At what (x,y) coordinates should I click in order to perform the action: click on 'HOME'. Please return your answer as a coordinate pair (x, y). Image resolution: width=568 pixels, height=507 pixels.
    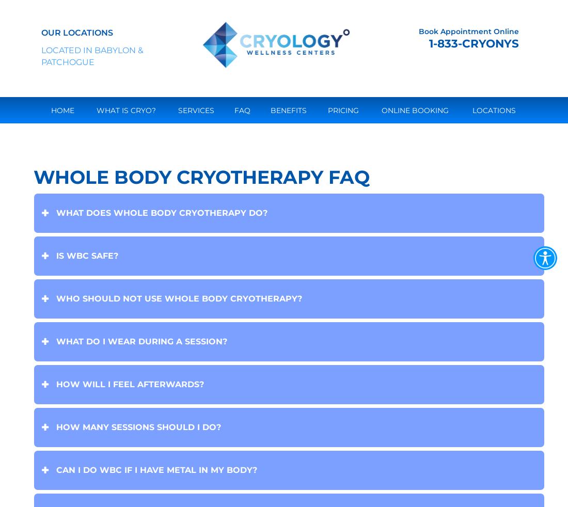
    Looking at the image, I should click on (62, 109).